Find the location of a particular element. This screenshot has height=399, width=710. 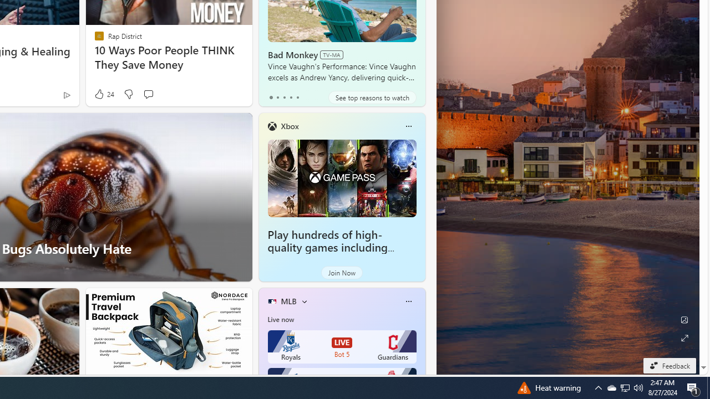

'Edit Background' is located at coordinates (683, 320).